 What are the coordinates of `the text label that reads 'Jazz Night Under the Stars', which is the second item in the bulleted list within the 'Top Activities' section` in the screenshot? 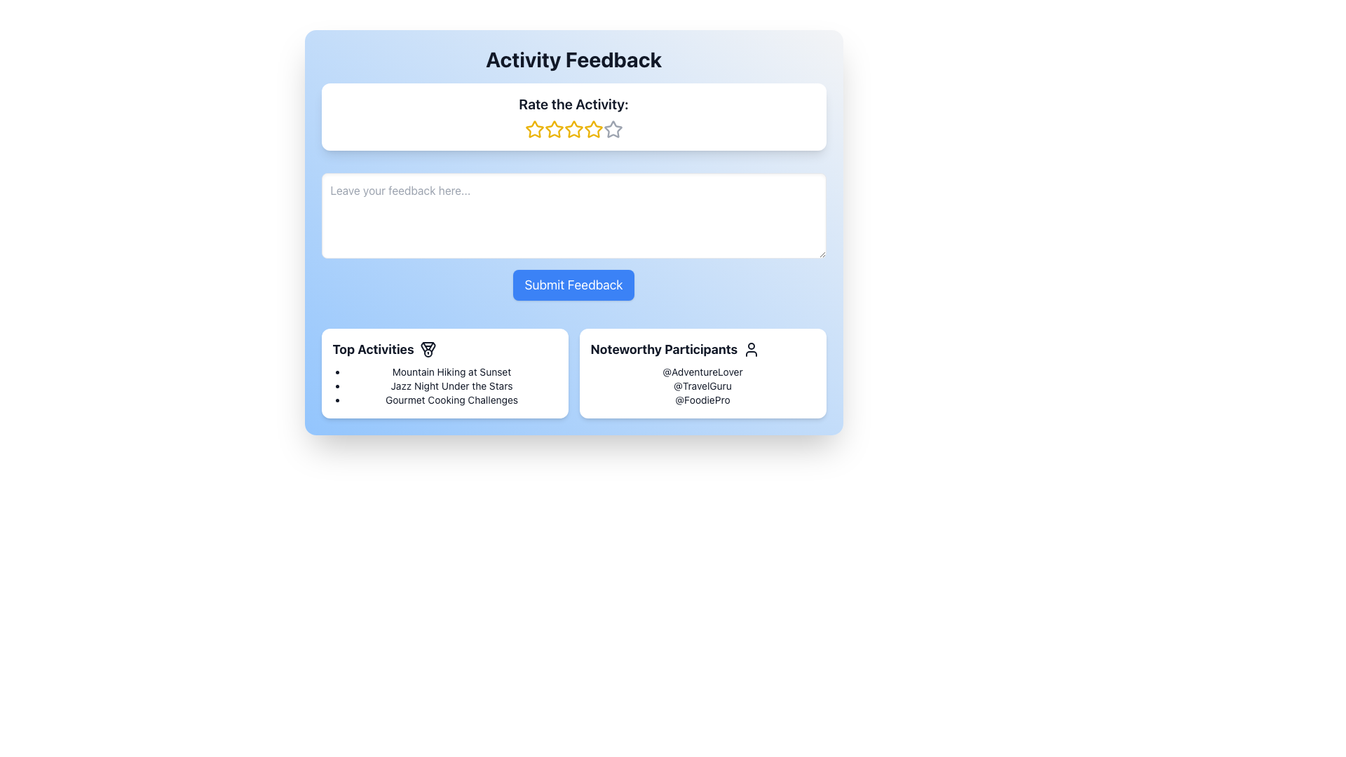 It's located at (451, 386).